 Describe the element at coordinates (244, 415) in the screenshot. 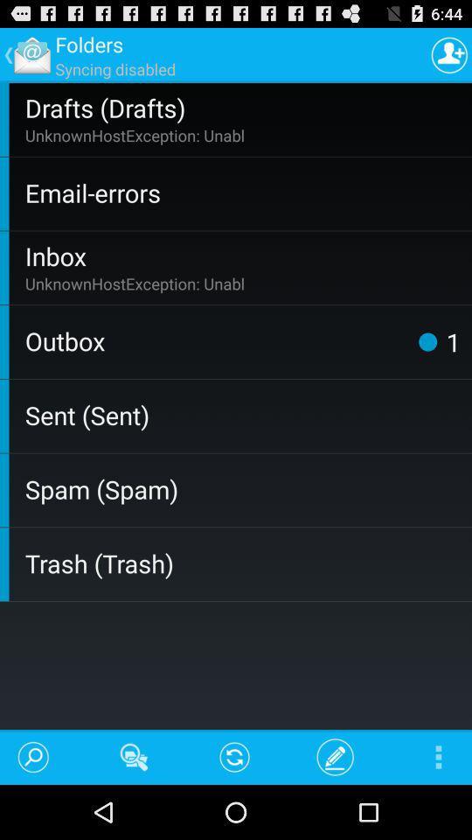

I see `the sent (sent) item` at that location.